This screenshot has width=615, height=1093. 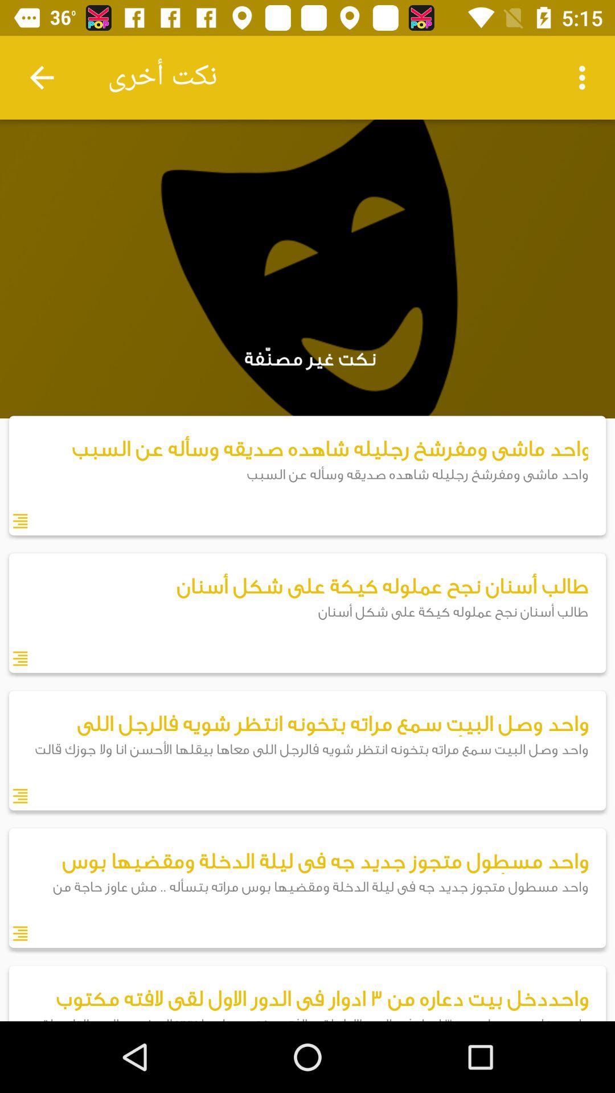 What do you see at coordinates (585, 77) in the screenshot?
I see `the three button at the top right corner of the page` at bounding box center [585, 77].